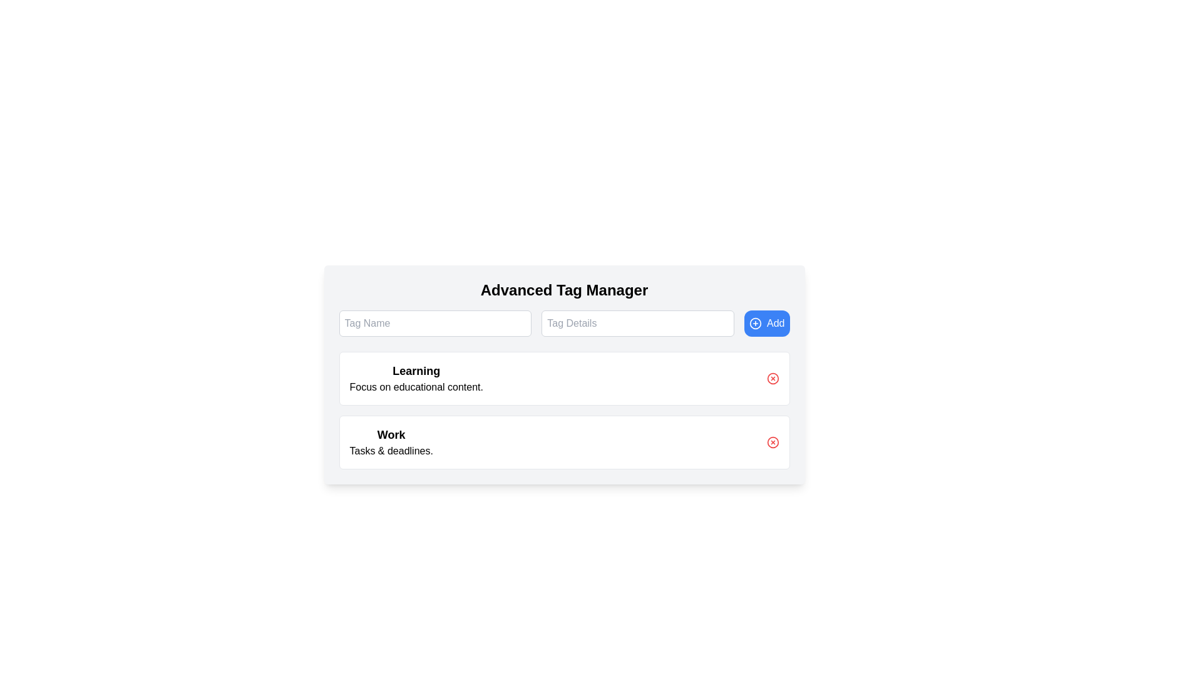  Describe the element at coordinates (416, 371) in the screenshot. I see `the static text label displaying the bold text 'Learning', which is styled with a larger font size and positioned above the description text 'Focus on educational content'` at that location.